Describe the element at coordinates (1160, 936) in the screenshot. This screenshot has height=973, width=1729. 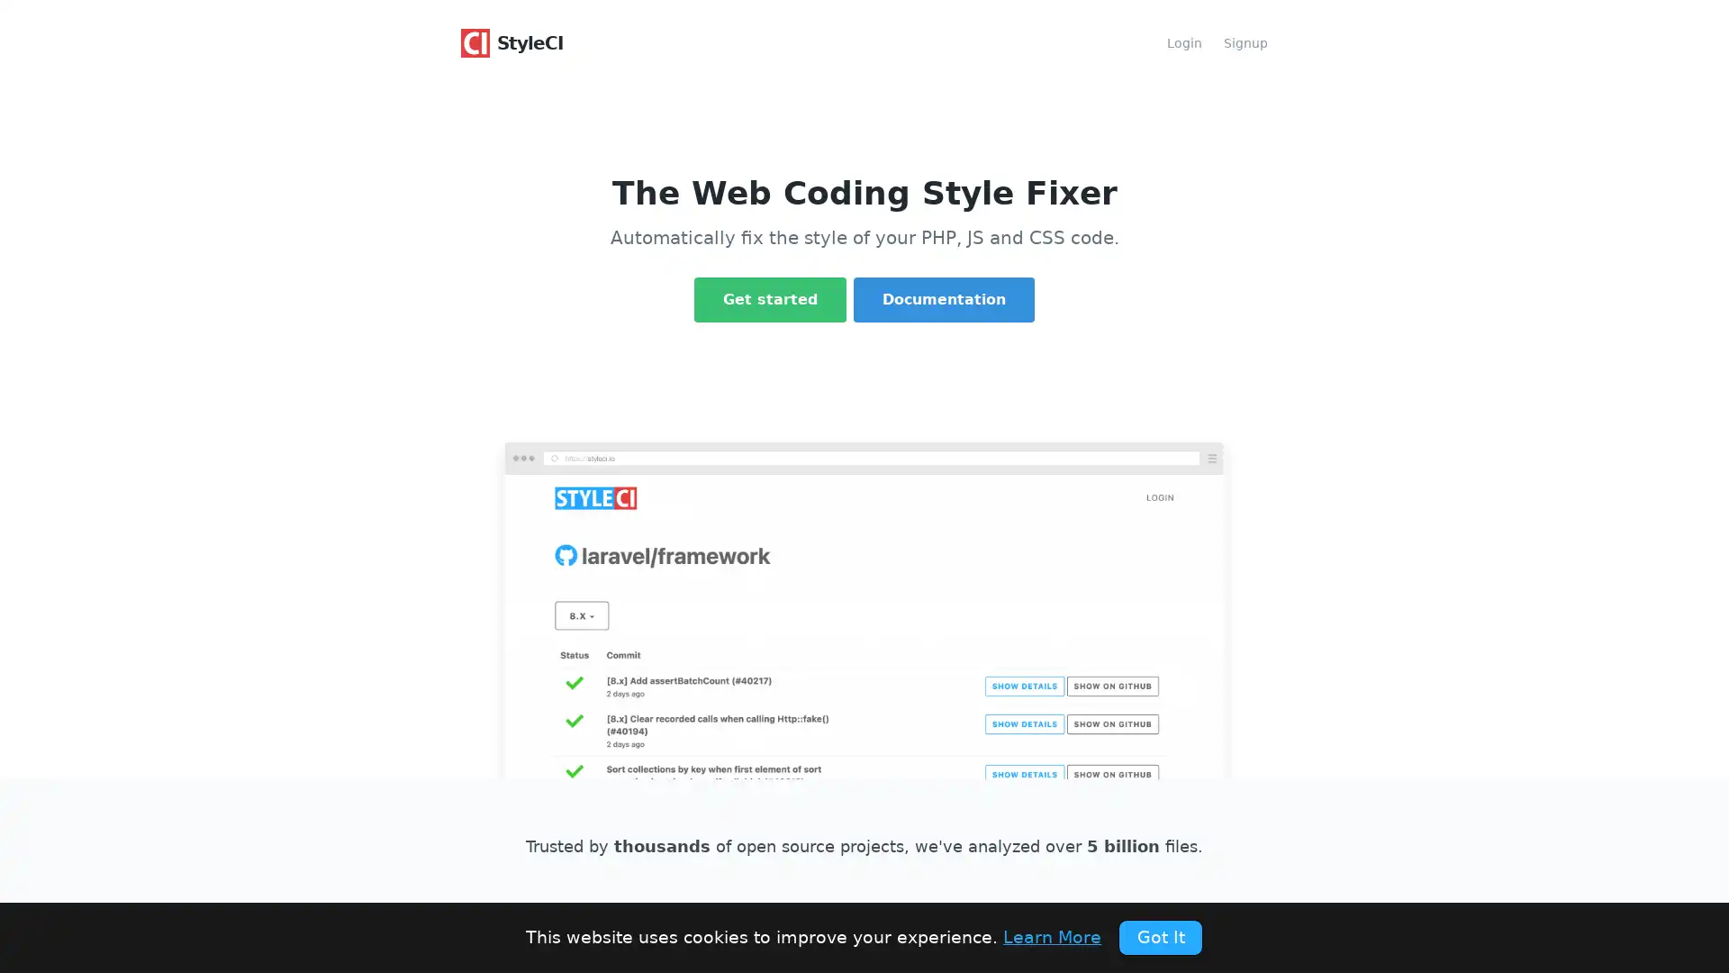
I see `Got It` at that location.